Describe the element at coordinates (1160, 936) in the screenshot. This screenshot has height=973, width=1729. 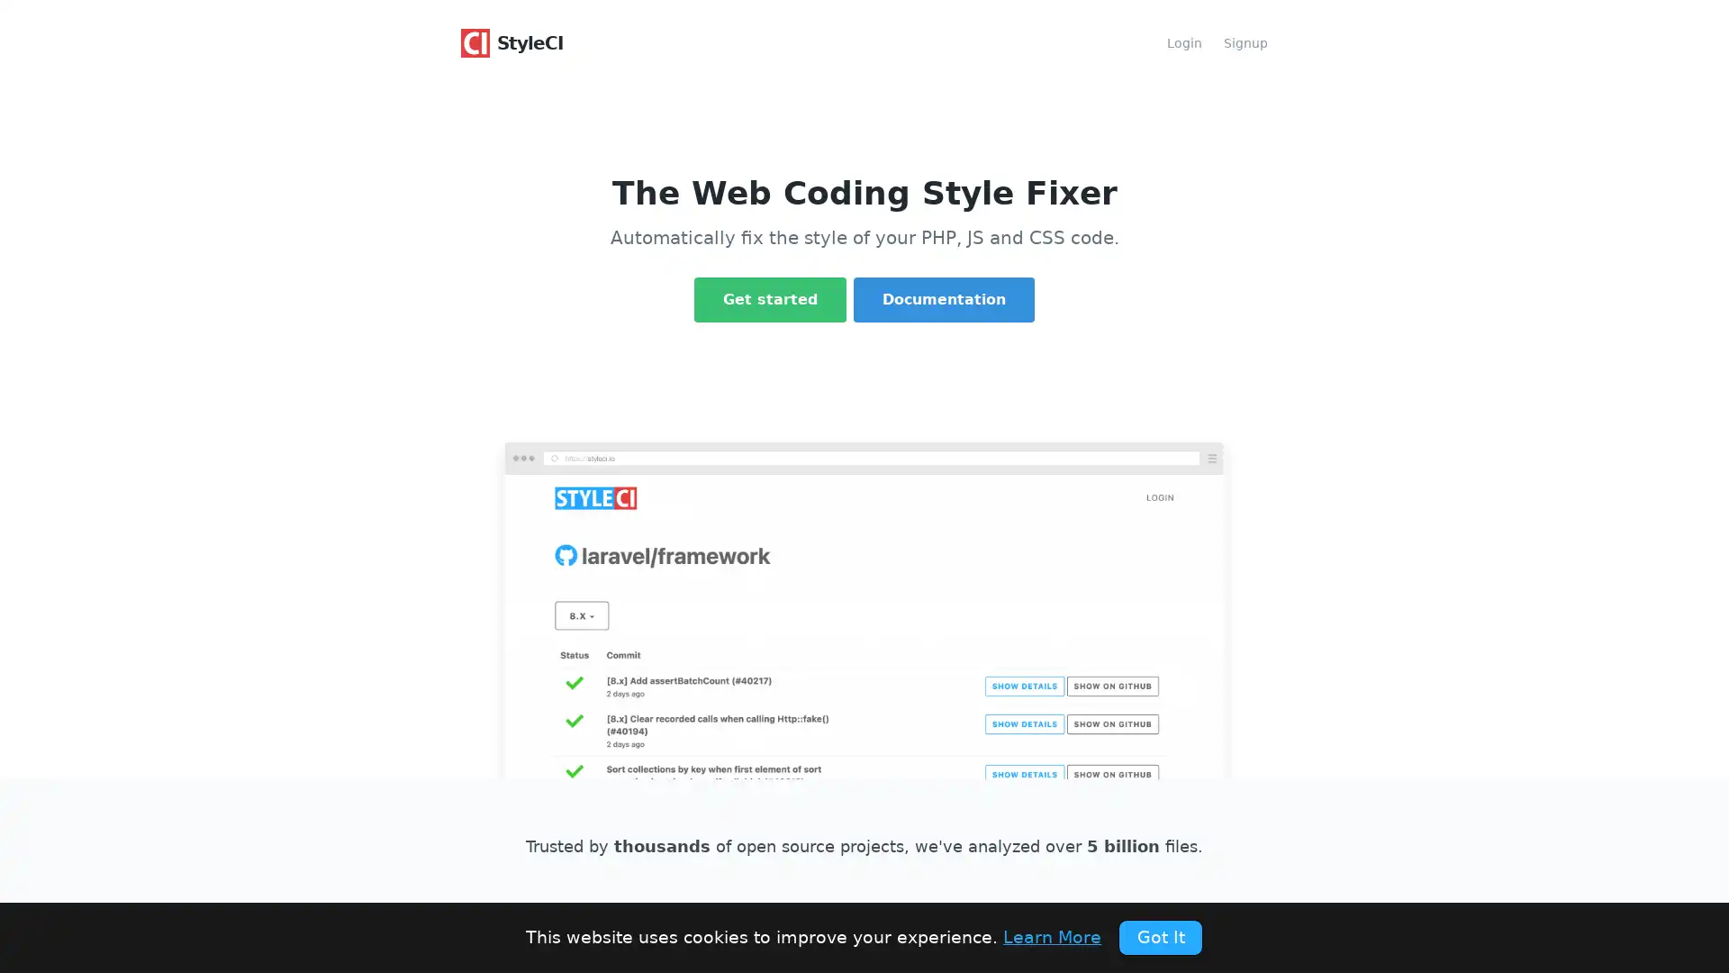
I see `Got It` at that location.